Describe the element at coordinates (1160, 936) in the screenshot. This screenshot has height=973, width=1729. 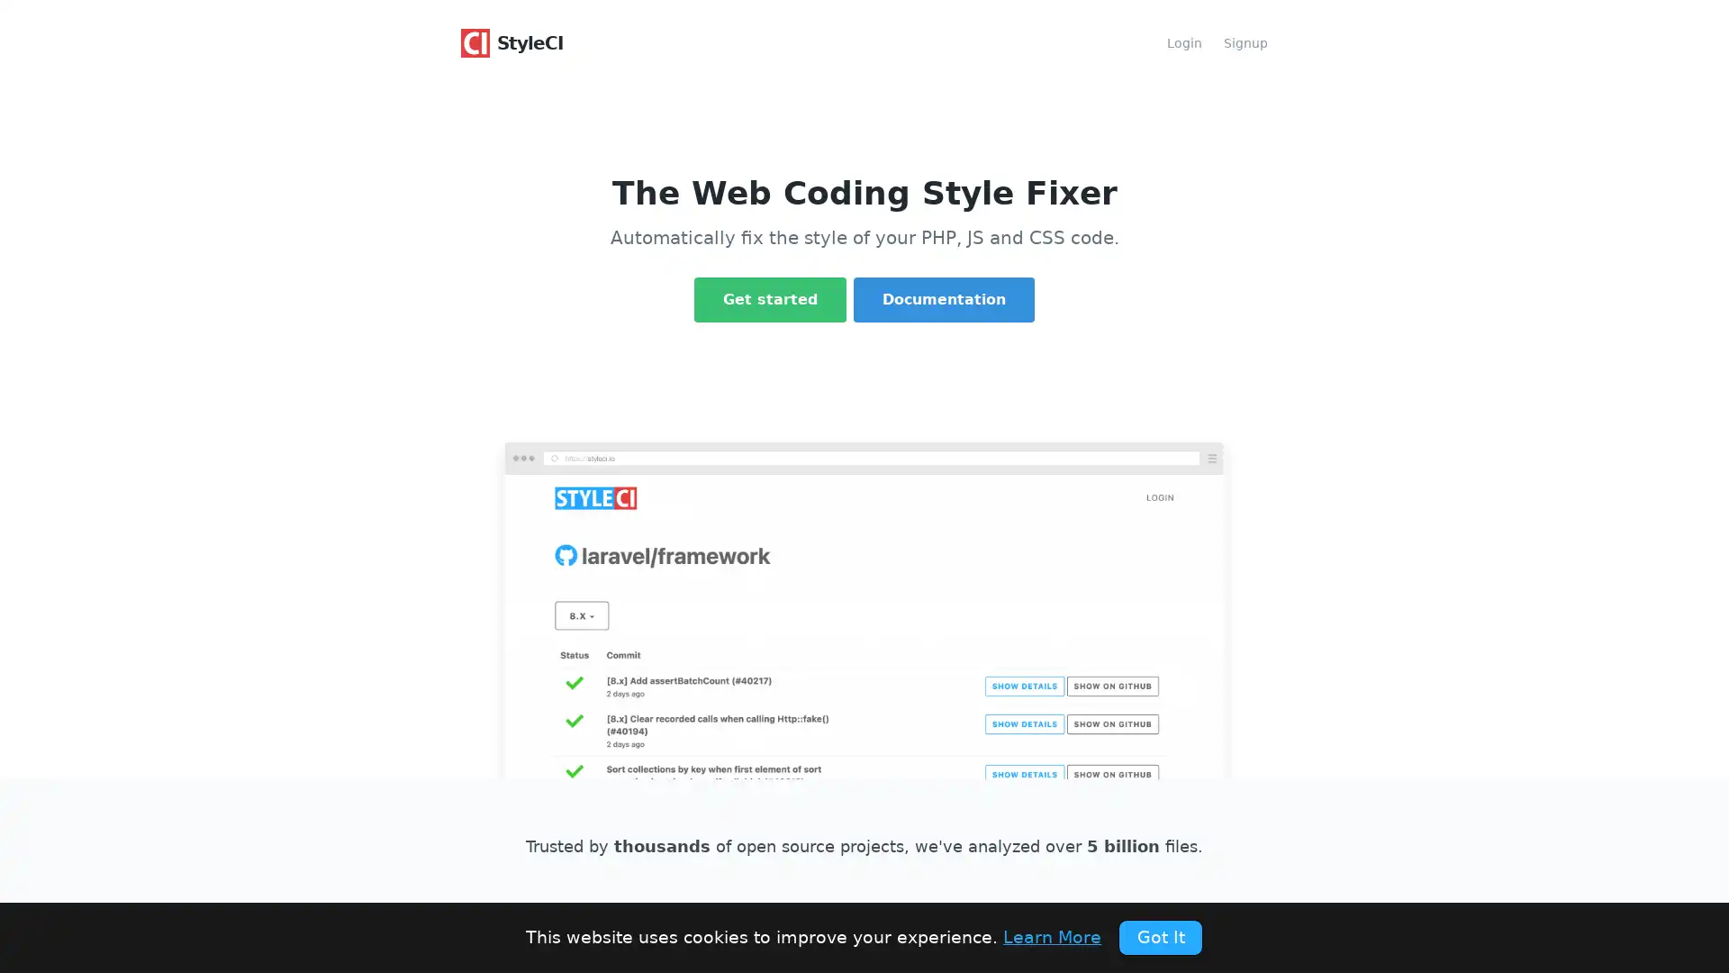
I see `Got It` at that location.